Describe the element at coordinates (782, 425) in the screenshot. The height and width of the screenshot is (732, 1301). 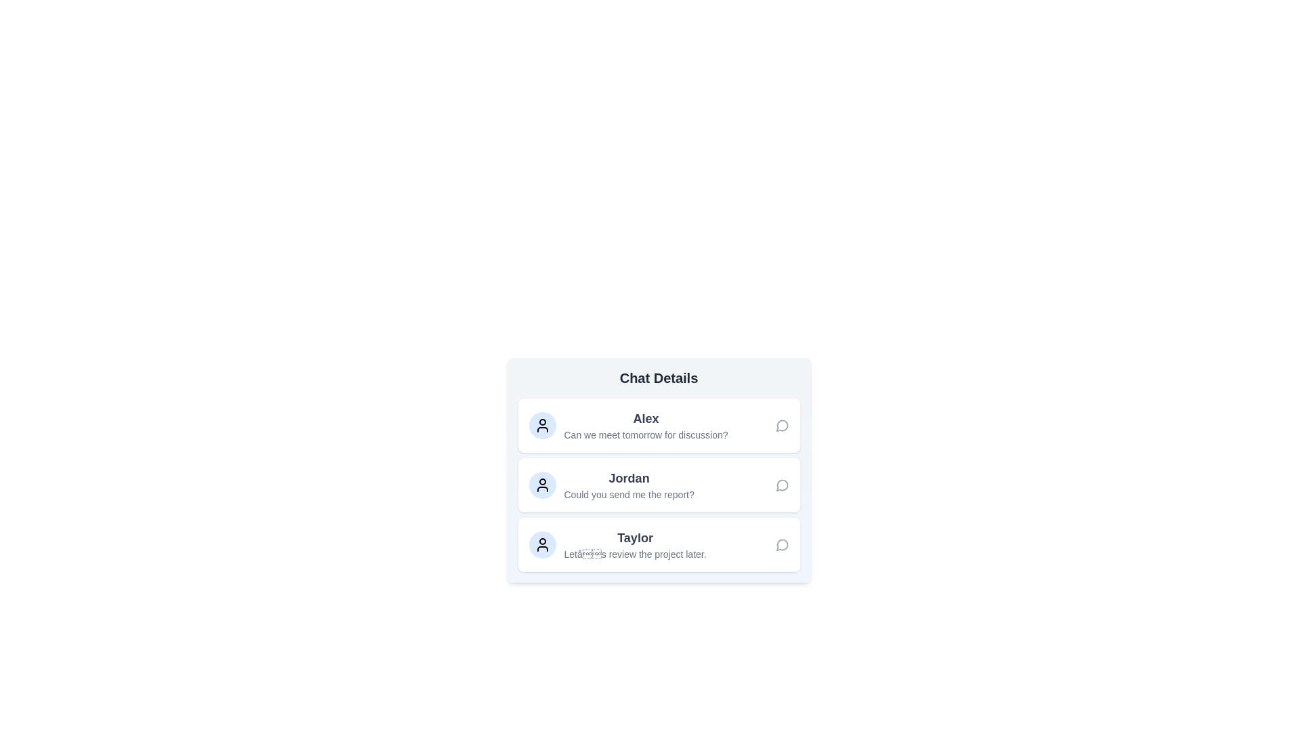
I see `the chat icon for the user Alex` at that location.